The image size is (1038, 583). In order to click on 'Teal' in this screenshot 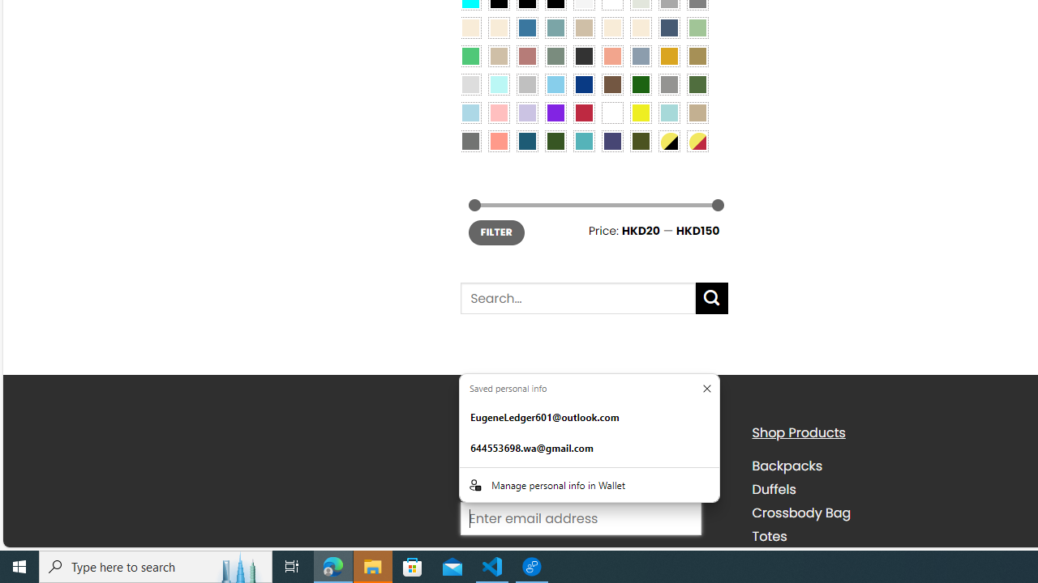, I will do `click(584, 140)`.